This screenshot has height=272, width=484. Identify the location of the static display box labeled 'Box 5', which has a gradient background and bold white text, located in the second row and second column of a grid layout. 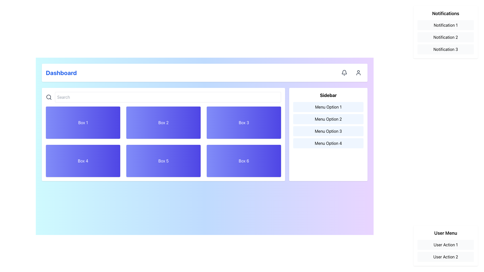
(163, 161).